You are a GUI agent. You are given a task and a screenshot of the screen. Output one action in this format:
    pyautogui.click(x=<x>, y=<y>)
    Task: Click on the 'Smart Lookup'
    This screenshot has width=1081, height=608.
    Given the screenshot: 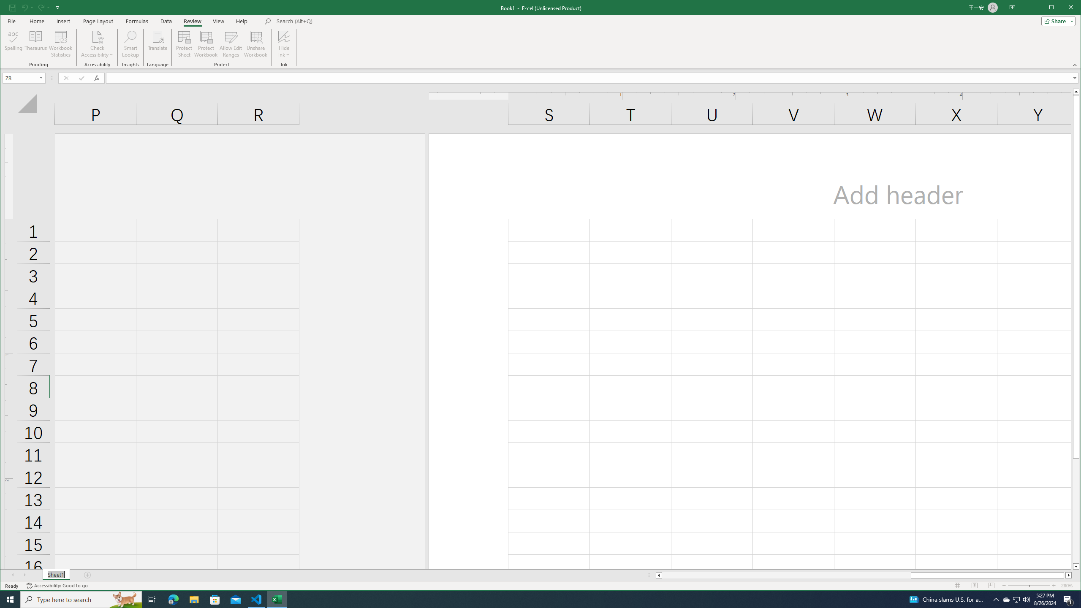 What is the action you would take?
    pyautogui.click(x=130, y=43)
    